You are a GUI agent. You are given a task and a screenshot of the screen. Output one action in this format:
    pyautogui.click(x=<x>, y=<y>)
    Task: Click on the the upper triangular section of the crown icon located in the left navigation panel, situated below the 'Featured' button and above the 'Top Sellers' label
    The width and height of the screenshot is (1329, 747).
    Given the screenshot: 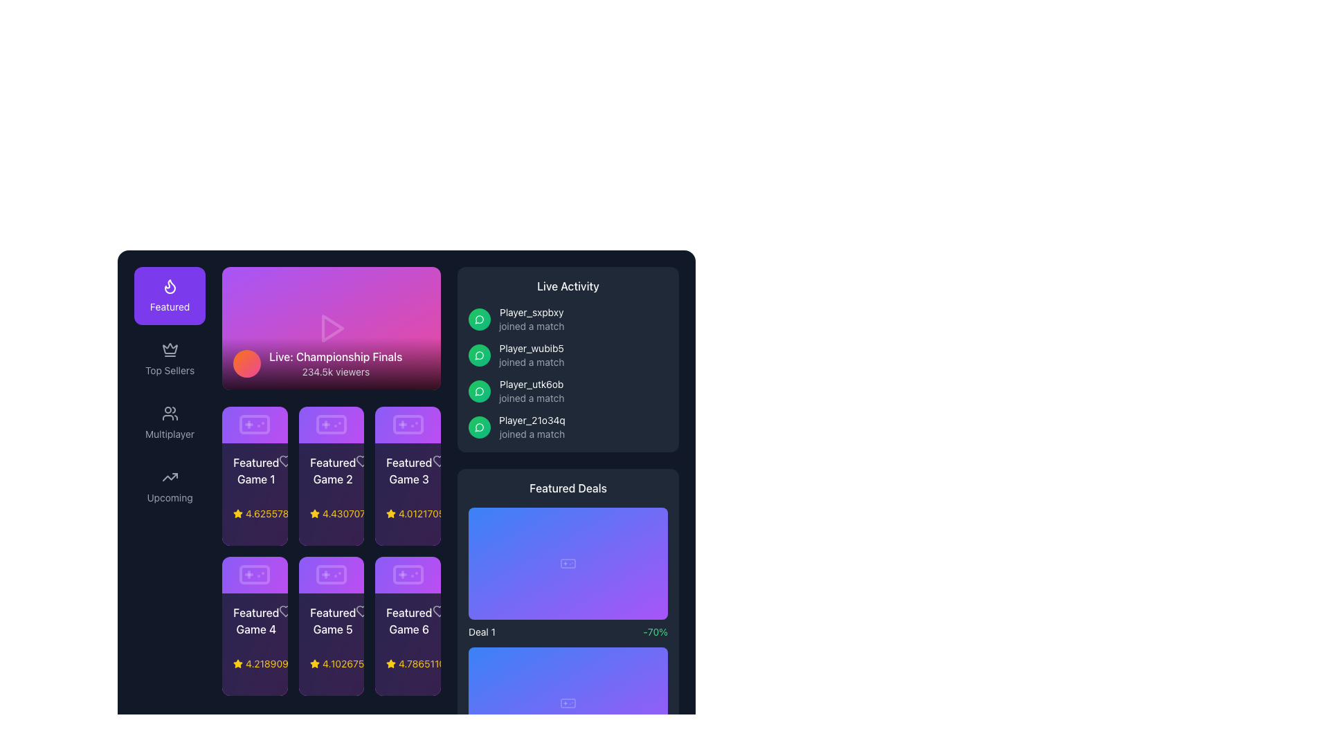 What is the action you would take?
    pyautogui.click(x=169, y=348)
    